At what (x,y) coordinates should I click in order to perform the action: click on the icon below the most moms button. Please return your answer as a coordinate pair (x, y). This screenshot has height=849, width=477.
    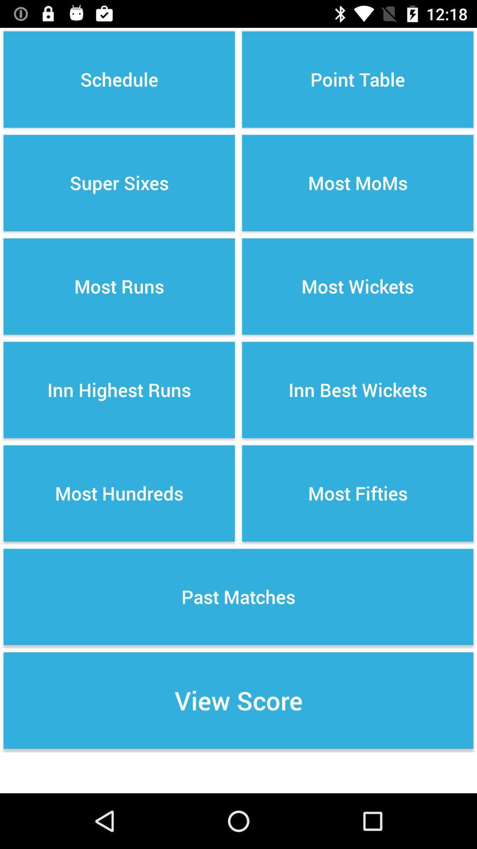
    Looking at the image, I should click on (358, 287).